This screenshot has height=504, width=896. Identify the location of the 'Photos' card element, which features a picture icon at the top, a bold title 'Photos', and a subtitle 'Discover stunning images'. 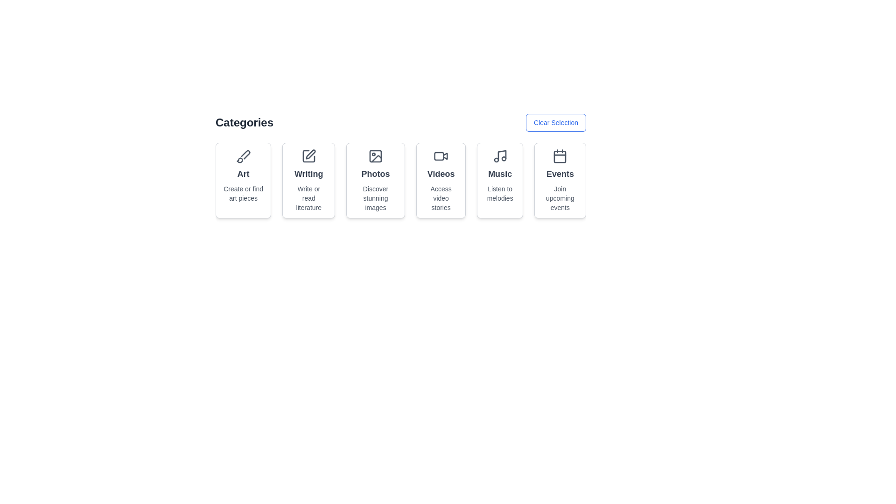
(376, 180).